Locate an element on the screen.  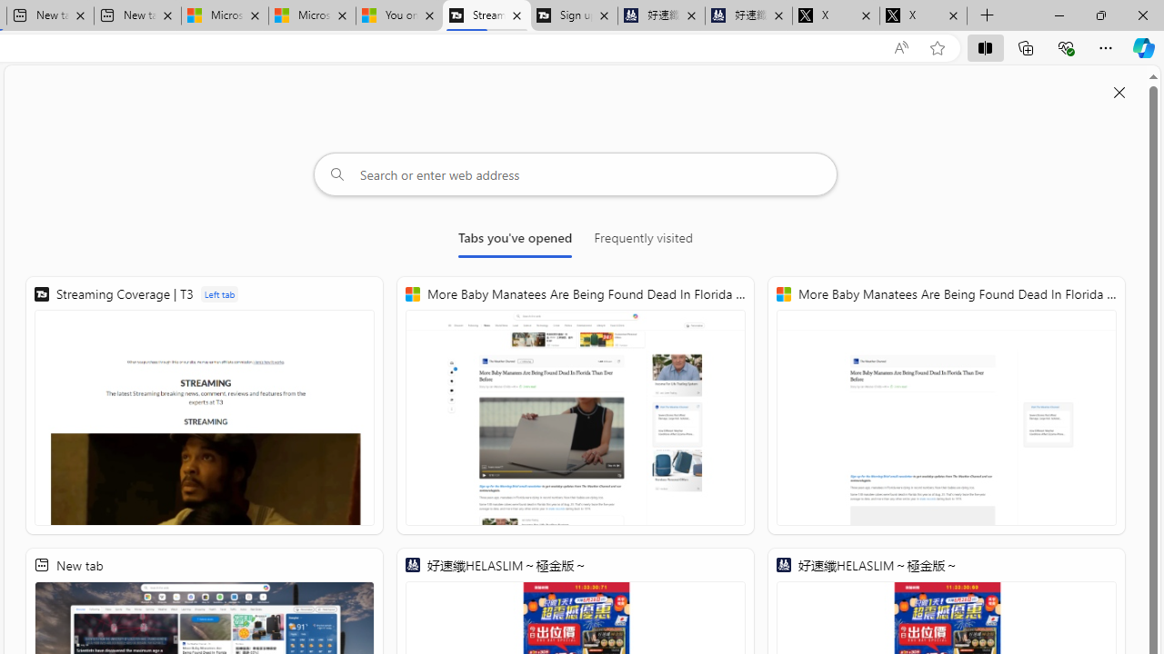
'New Tab' is located at coordinates (987, 15).